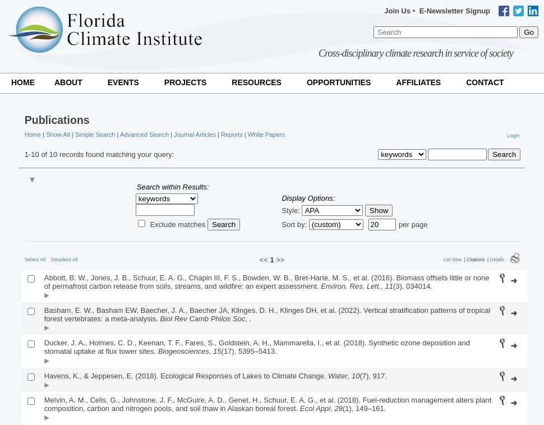 The width and height of the screenshot is (544, 425). I want to click on 'Ecol Appl', so click(314, 408).